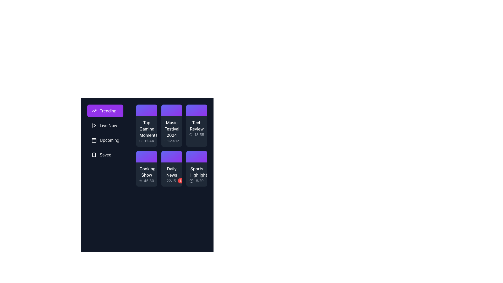  I want to click on the text label displaying 'Tech Review', so click(196, 126).